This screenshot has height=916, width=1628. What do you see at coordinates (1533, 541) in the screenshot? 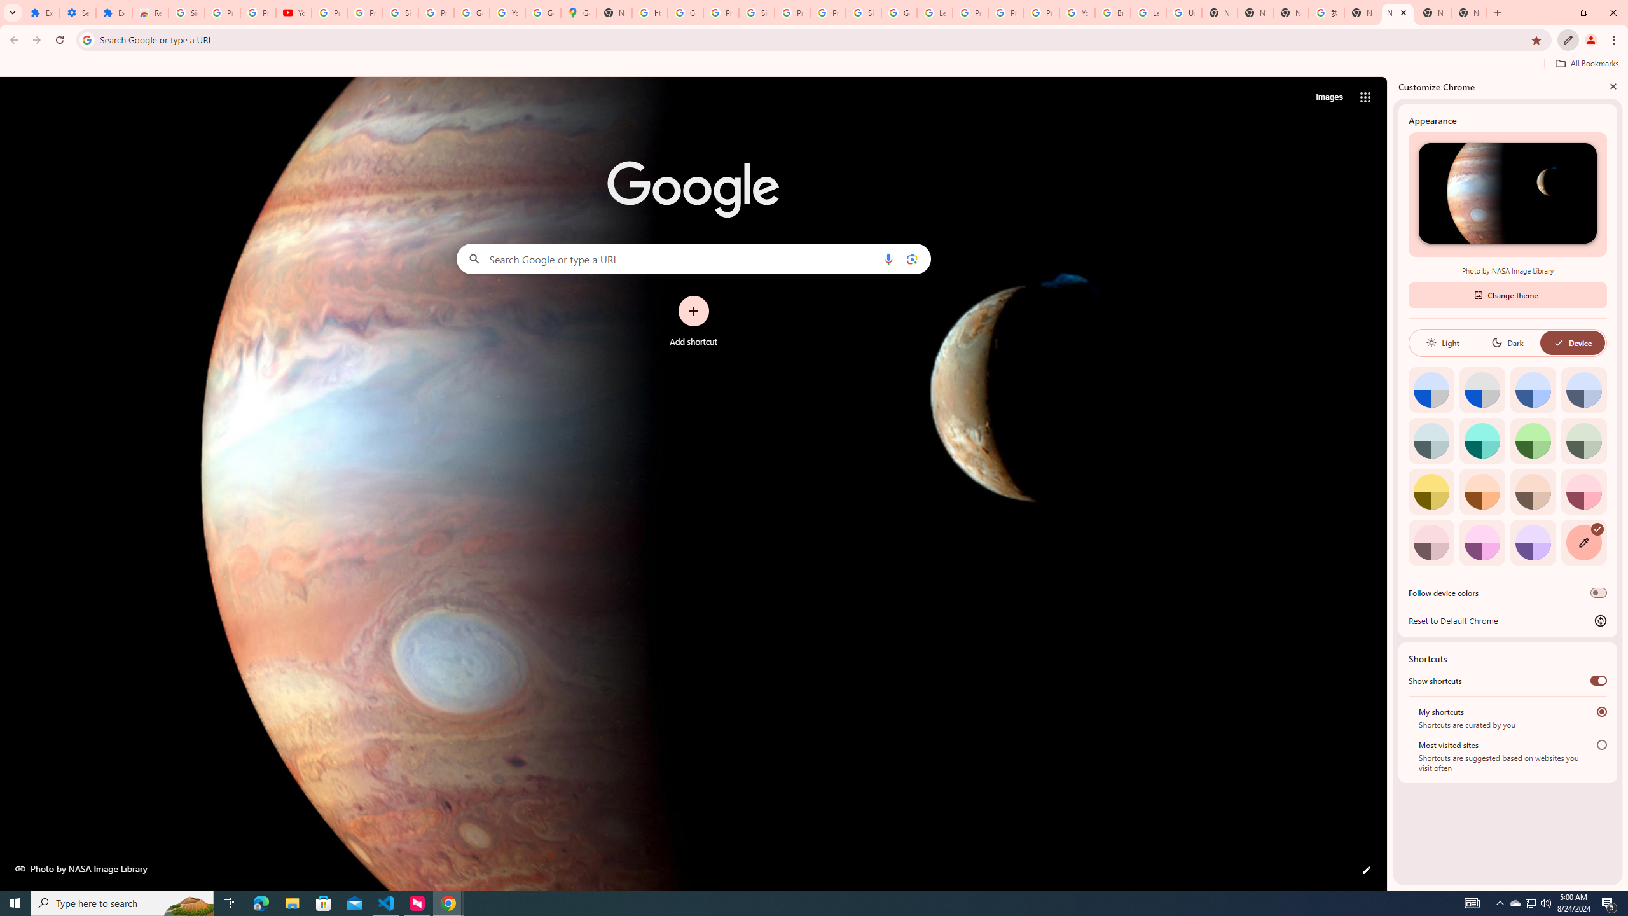
I see `'Violet'` at bounding box center [1533, 541].